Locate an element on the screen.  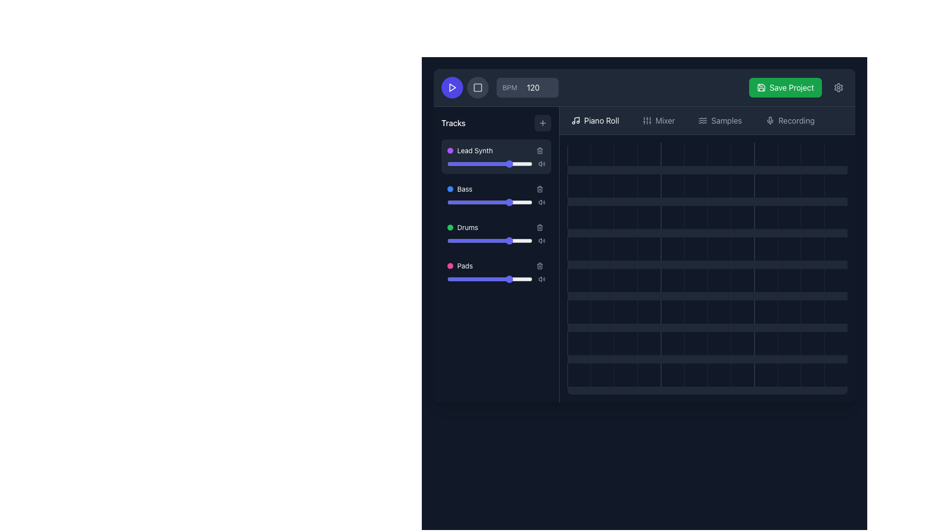
the slider is located at coordinates (464, 279).